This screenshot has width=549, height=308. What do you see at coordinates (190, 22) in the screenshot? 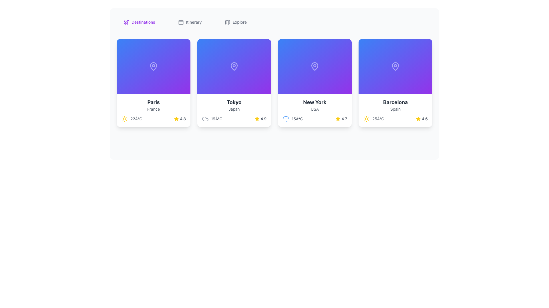
I see `the itinerary navigation button located in the second position of the horizontal navigation bar` at bounding box center [190, 22].